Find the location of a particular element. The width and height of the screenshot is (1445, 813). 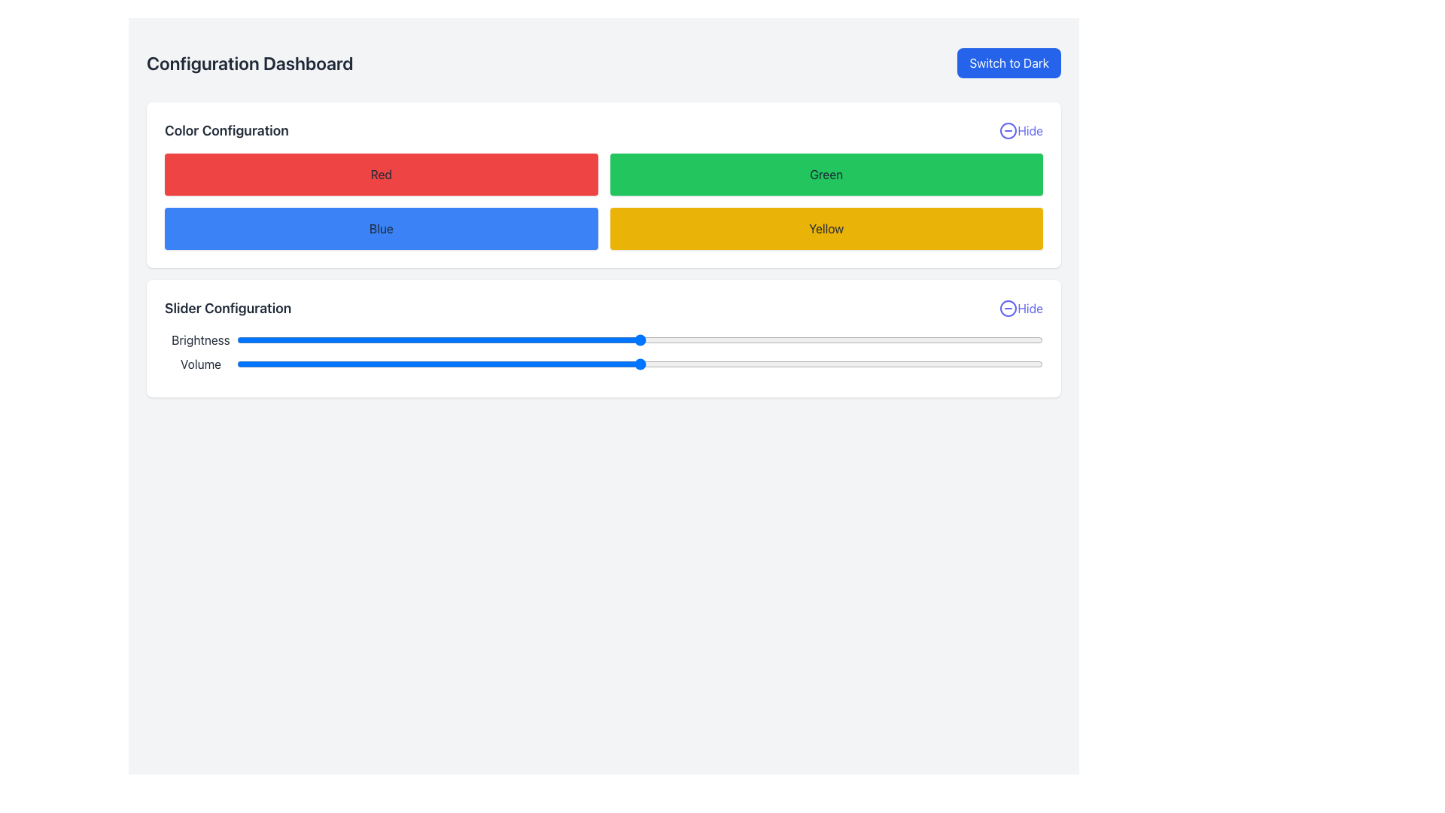

volume is located at coordinates (777, 364).